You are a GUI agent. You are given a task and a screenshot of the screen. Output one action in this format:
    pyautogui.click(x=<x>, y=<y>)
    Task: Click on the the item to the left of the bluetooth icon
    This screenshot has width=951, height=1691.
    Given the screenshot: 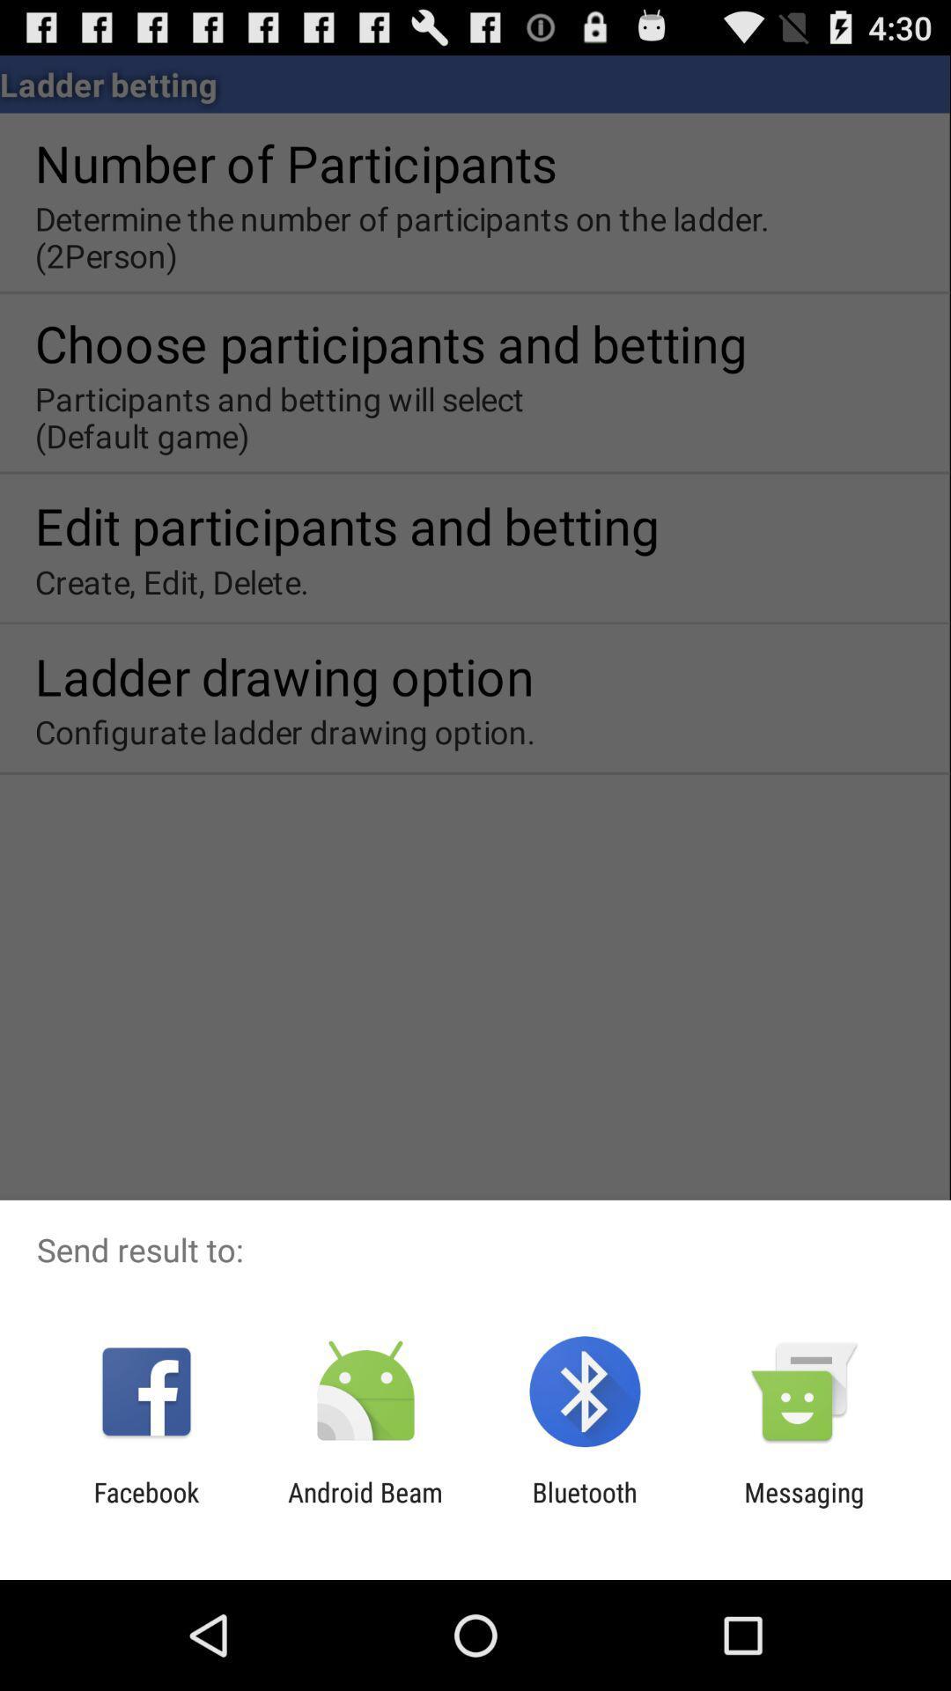 What is the action you would take?
    pyautogui.click(x=365, y=1507)
    